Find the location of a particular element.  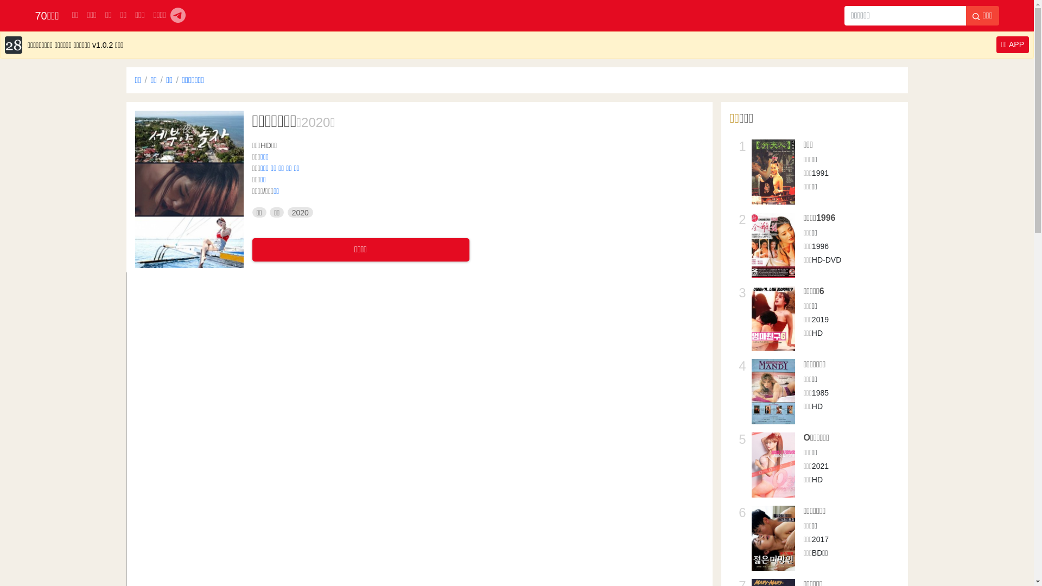

'2020' is located at coordinates (315, 122).